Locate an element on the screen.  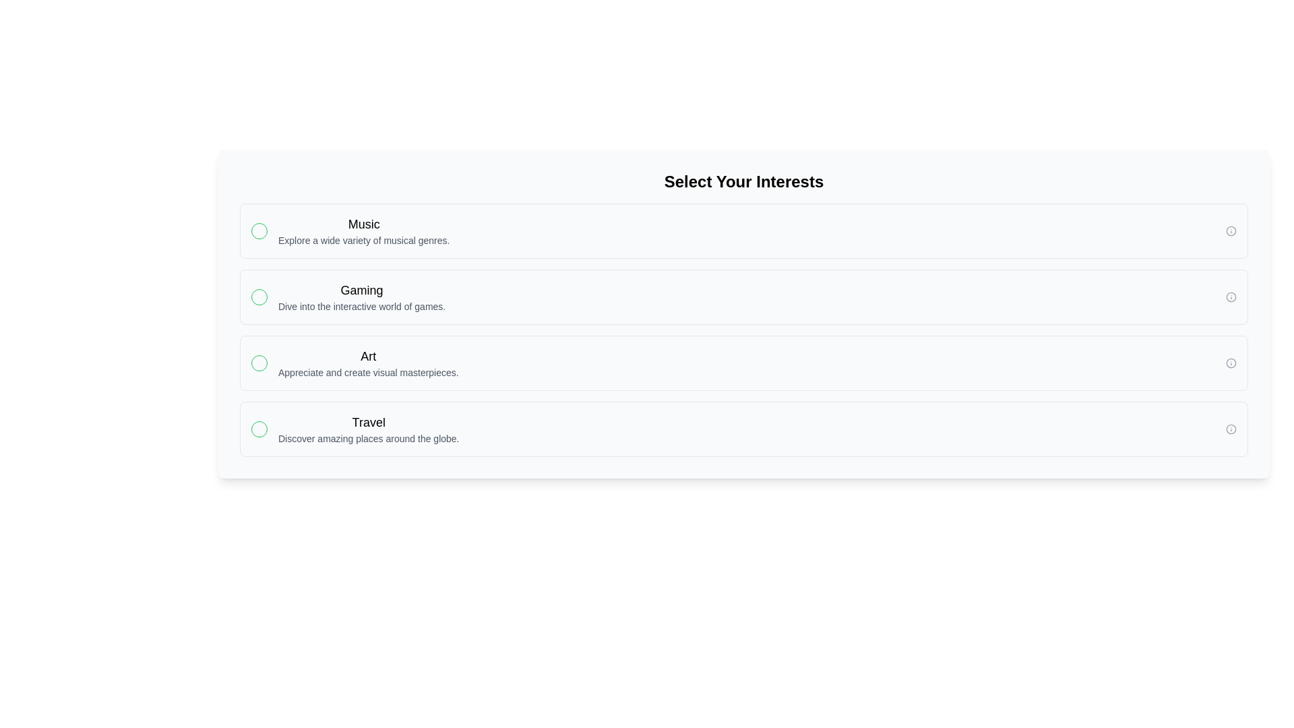
the information icon next to the Gaming option to read its detailed description is located at coordinates (1231, 296).